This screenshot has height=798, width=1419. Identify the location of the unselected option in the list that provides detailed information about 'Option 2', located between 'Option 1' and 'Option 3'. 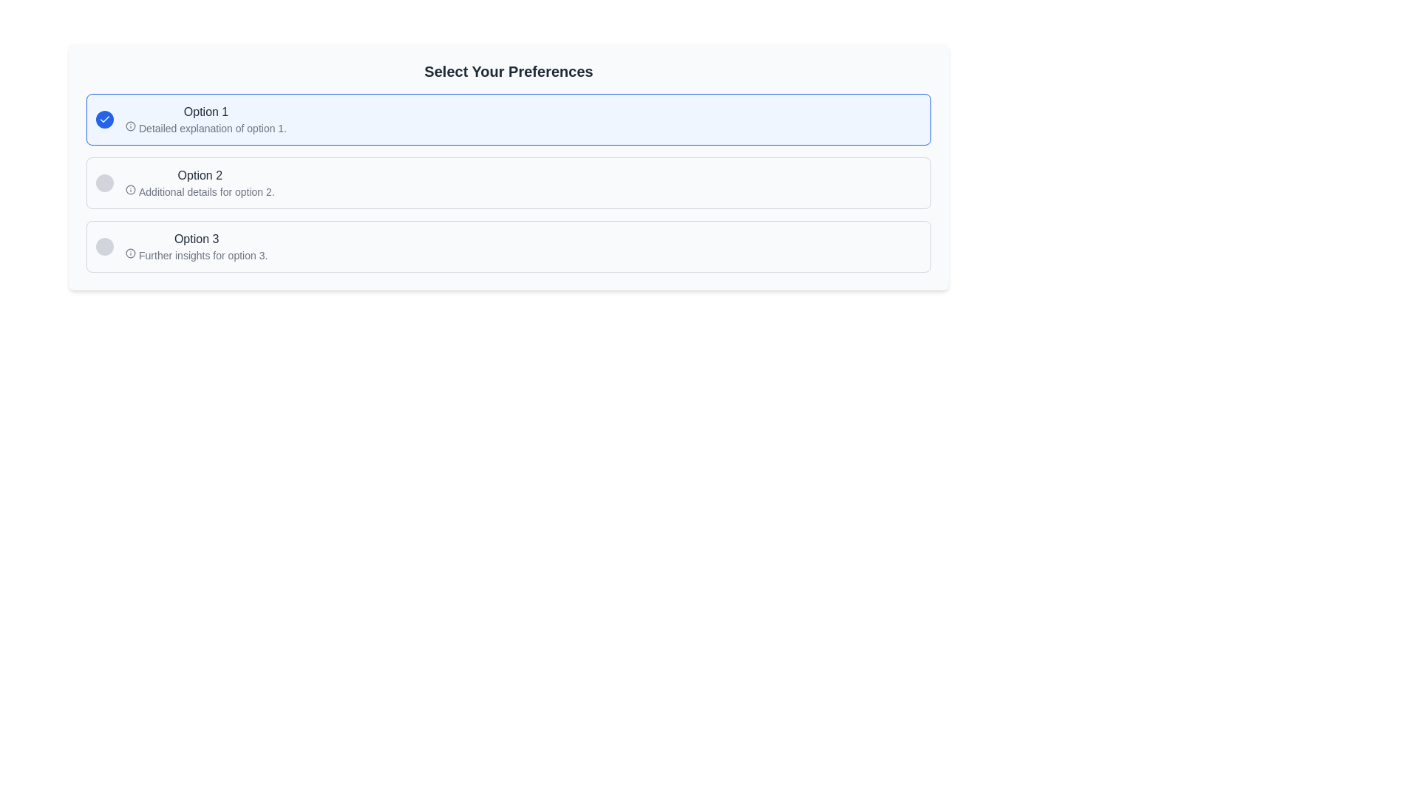
(508, 182).